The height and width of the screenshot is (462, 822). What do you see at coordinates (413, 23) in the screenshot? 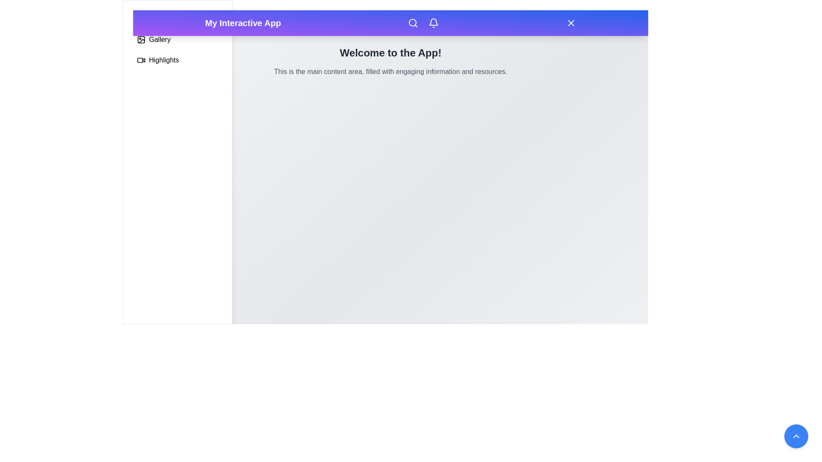
I see `the magnifying glass icon button located on the top navigation bar to change its color from white to gray` at bounding box center [413, 23].